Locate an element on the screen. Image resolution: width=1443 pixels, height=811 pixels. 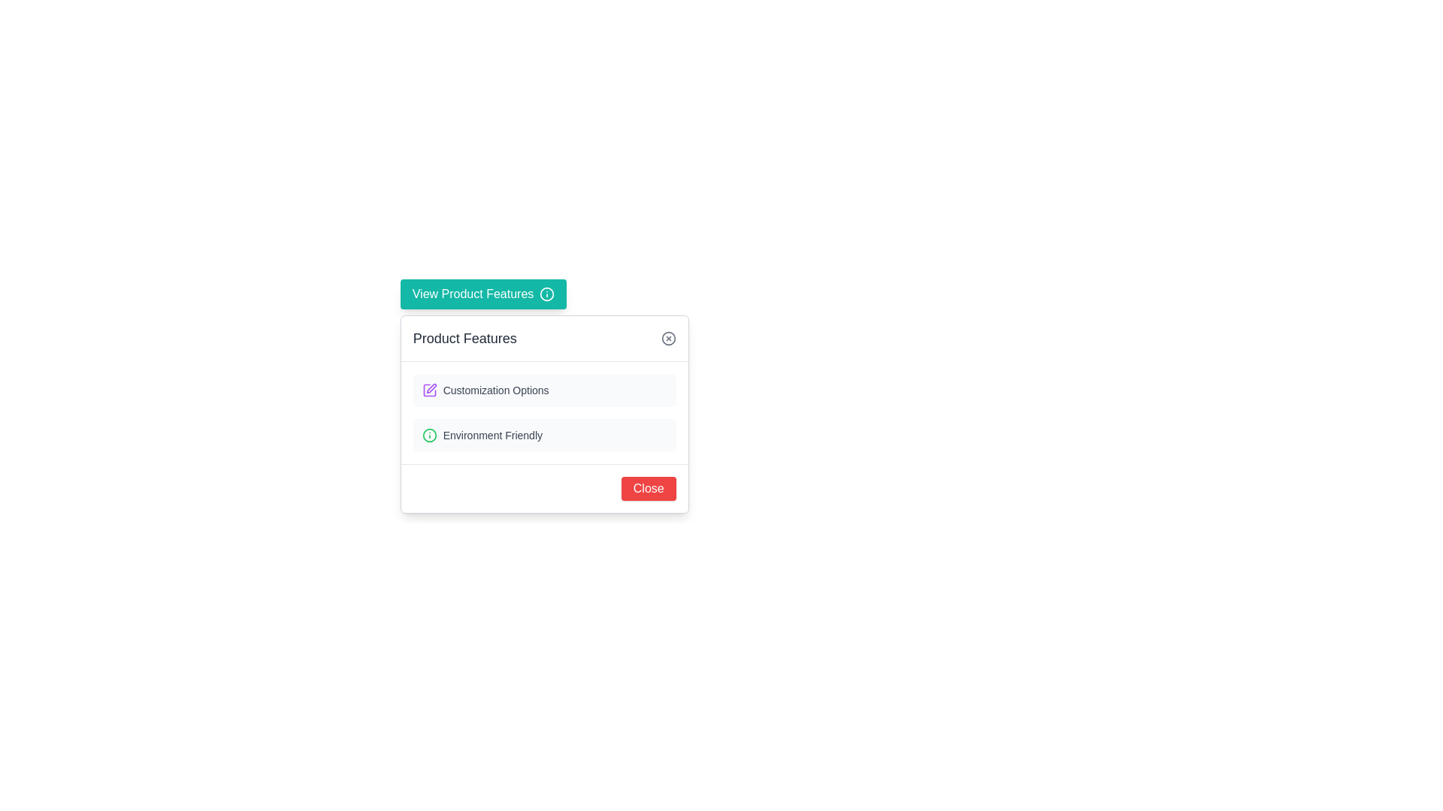
the edit or customization icon located to the left of the 'Customization Options' text in the 'Product Features' area is located at coordinates (428, 390).